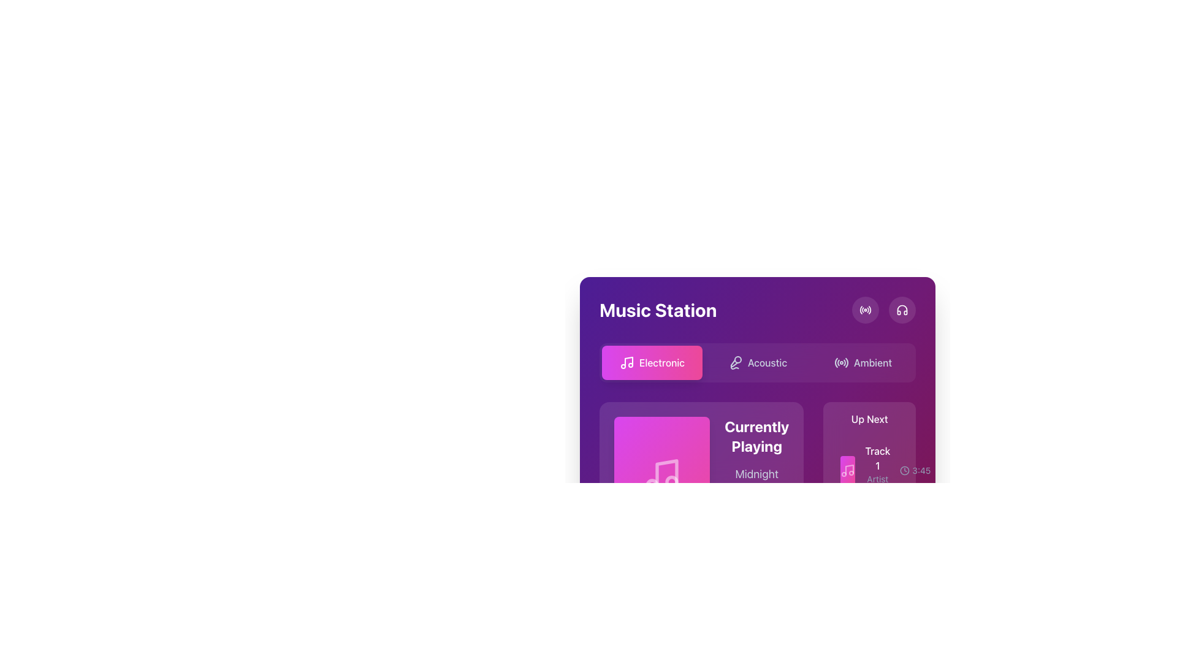 The height and width of the screenshot is (662, 1177). Describe the element at coordinates (847, 470) in the screenshot. I see `the rounded square icon with a gradient color scheme from fuchsia to pink, featuring a white music note symbol, located on the left side of the list item for 'Track 1' by 'Artist 1'` at that location.